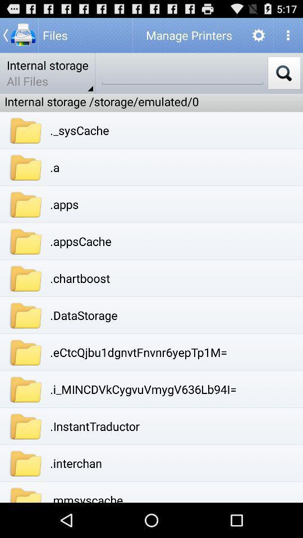  I want to click on app below .apps, so click(80, 241).